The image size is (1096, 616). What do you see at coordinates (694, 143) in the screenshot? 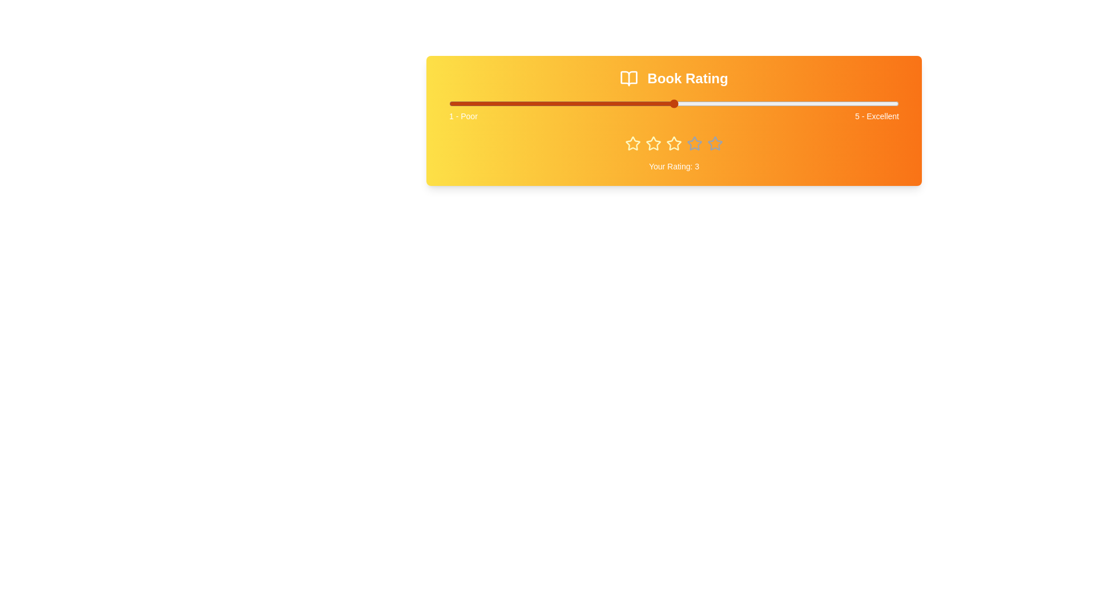
I see `the star icon representing the third rating level in a five-point scale, which indicates a selected rating of 3` at bounding box center [694, 143].